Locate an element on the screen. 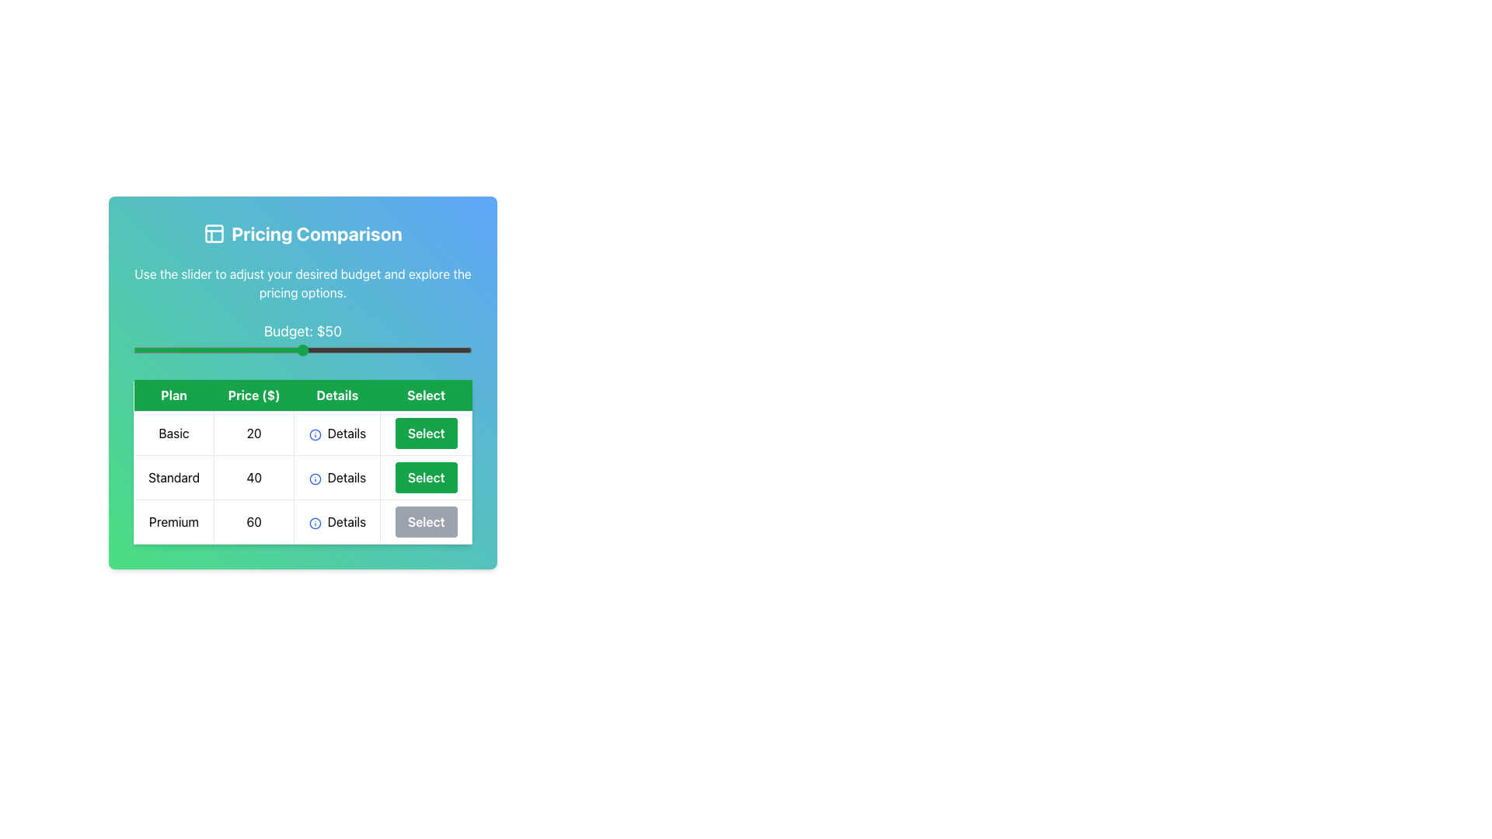 The height and width of the screenshot is (839, 1492). the text label element displaying 'Premium' located in the first column of the last row of the table under the 'Plan' header is located at coordinates (174, 521).